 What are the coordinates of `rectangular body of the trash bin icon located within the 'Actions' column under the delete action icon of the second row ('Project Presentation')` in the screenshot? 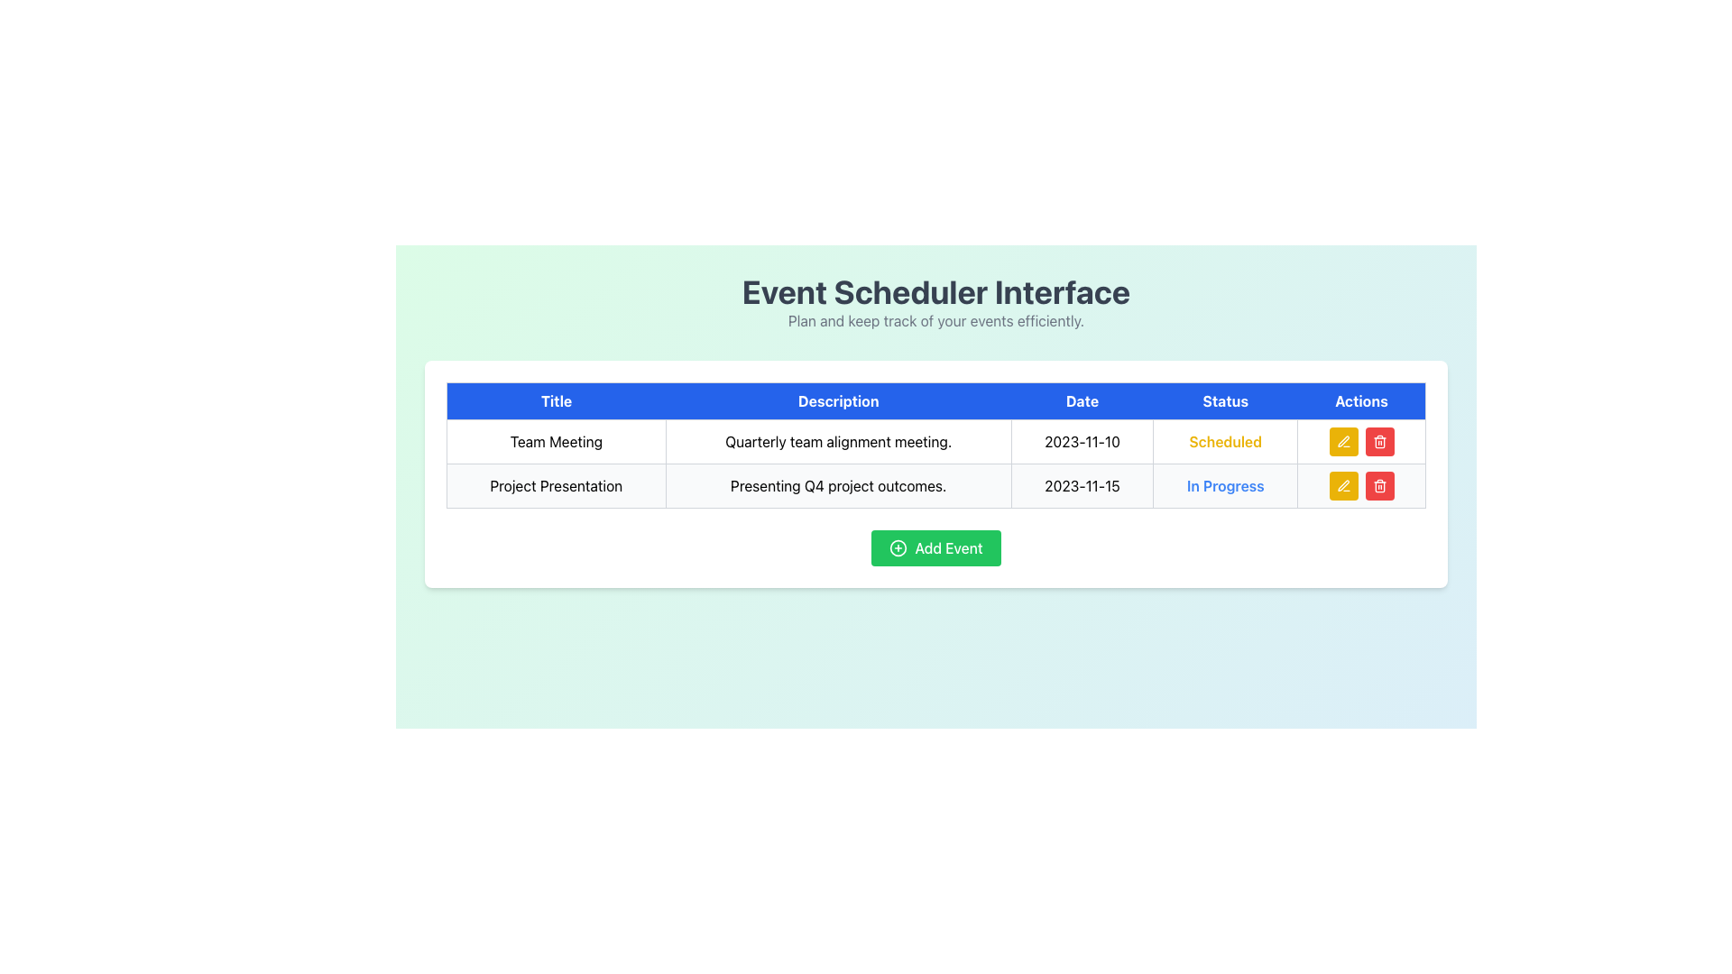 It's located at (1378, 487).